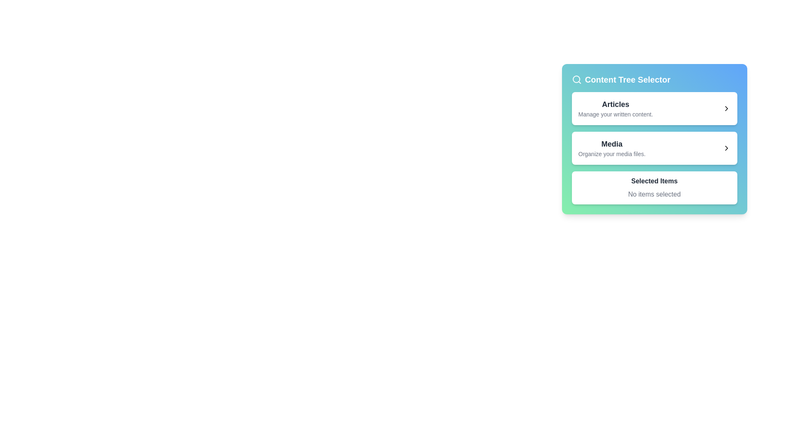 The width and height of the screenshot is (794, 446). I want to click on the Informative component that displays 'Selected Items' and 'No items selected' located below the 'Media' section in the Content Tree Selector, so click(654, 188).